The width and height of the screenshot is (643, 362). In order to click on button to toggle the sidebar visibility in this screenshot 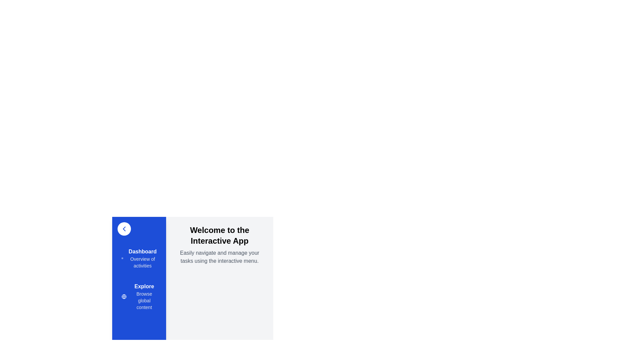, I will do `click(124, 228)`.